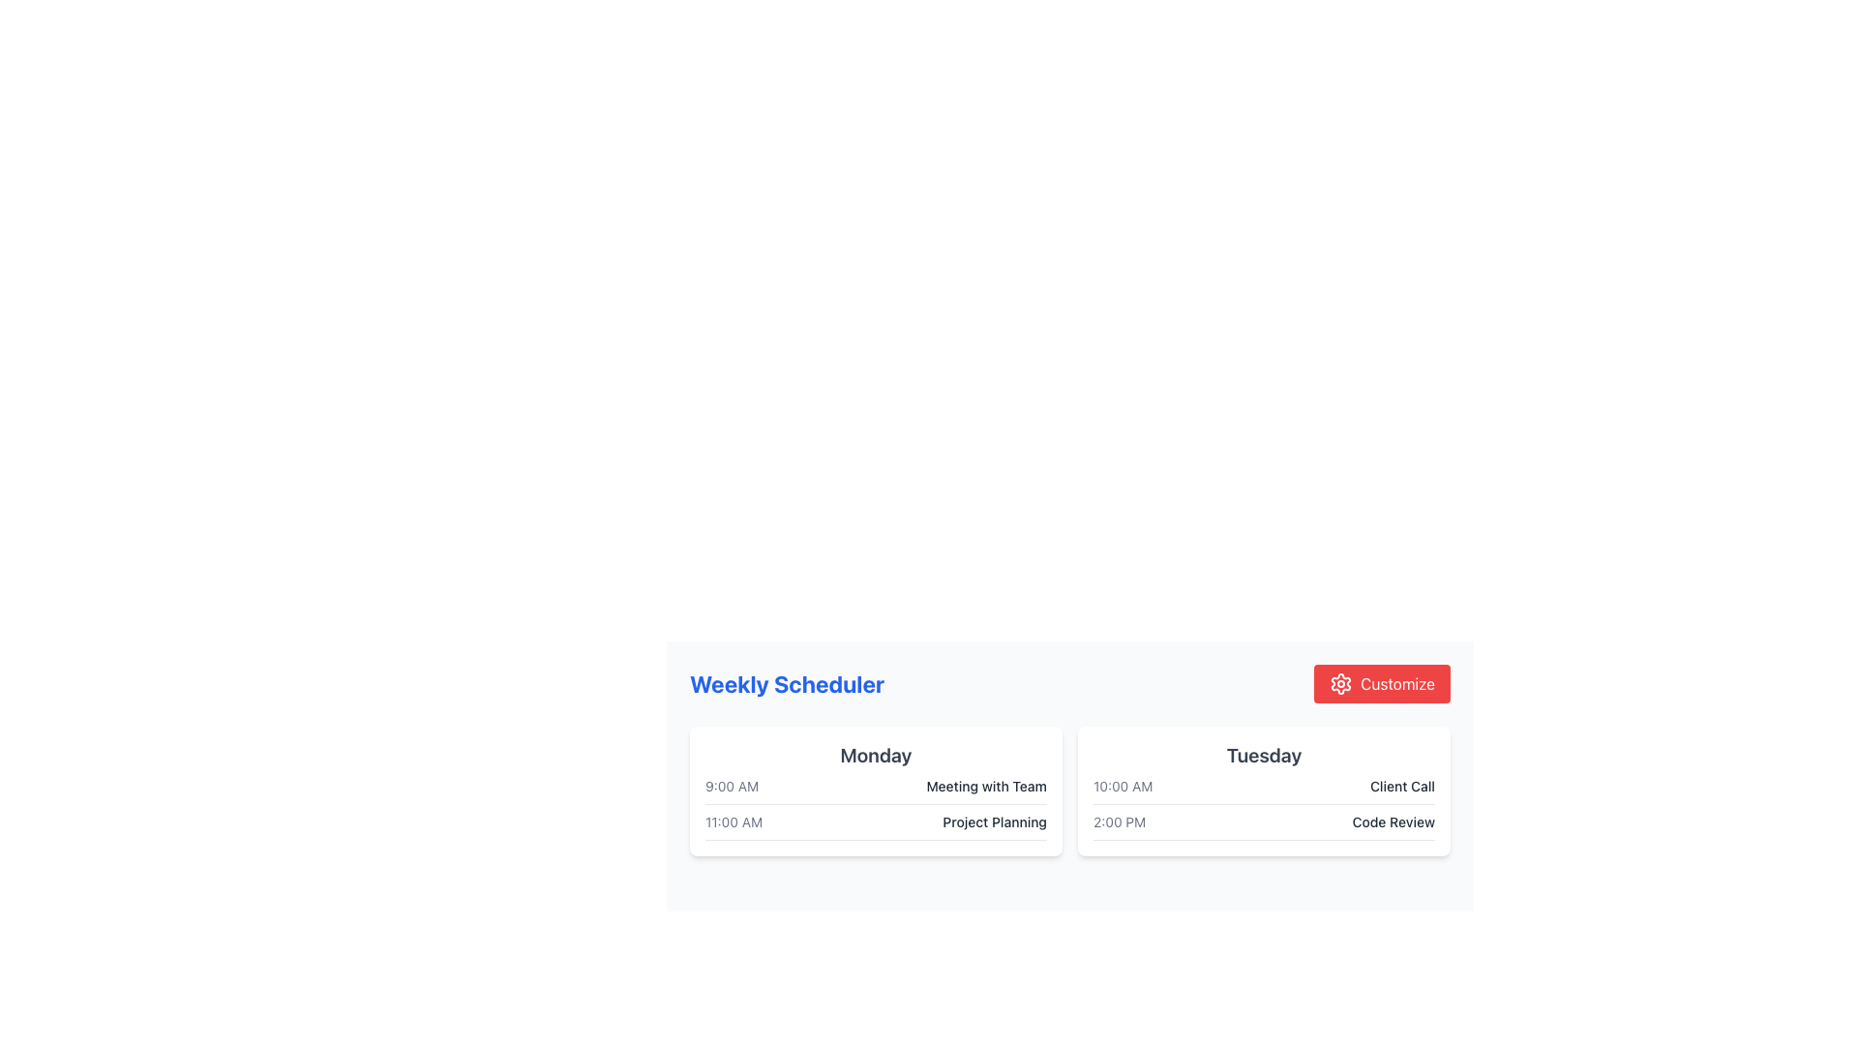  What do you see at coordinates (1120, 821) in the screenshot?
I see `timestamp '2:00 PM' displayed in a small-sized, gray-colored font within the schedule interface for the event 'Code Review' on Tuesday` at bounding box center [1120, 821].